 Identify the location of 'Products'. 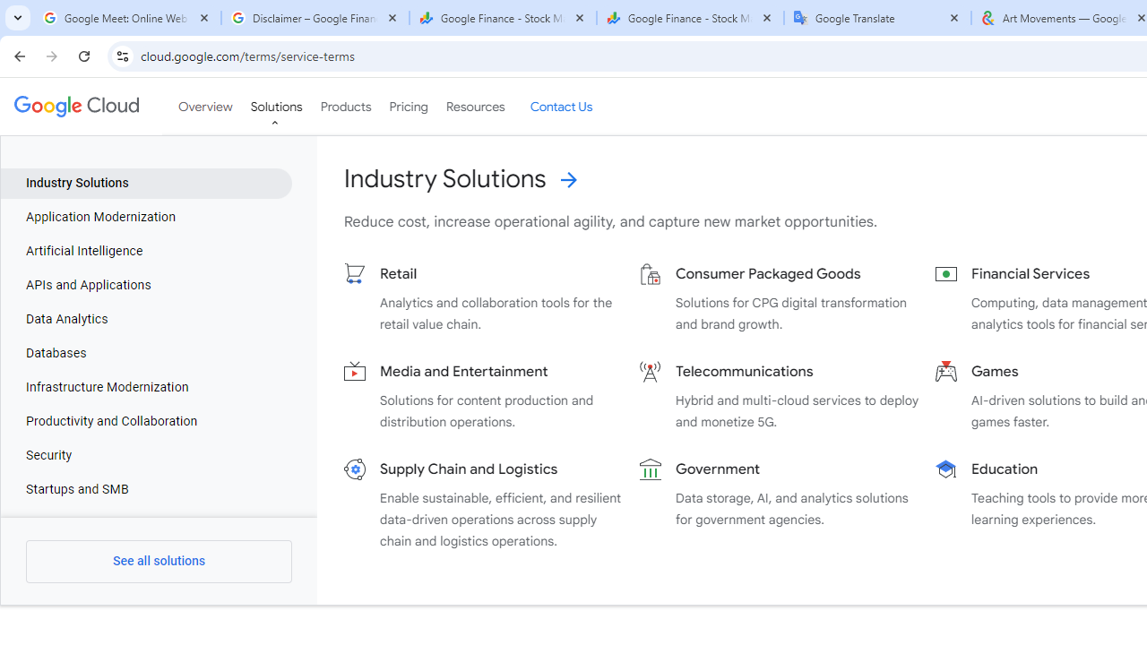
(345, 107).